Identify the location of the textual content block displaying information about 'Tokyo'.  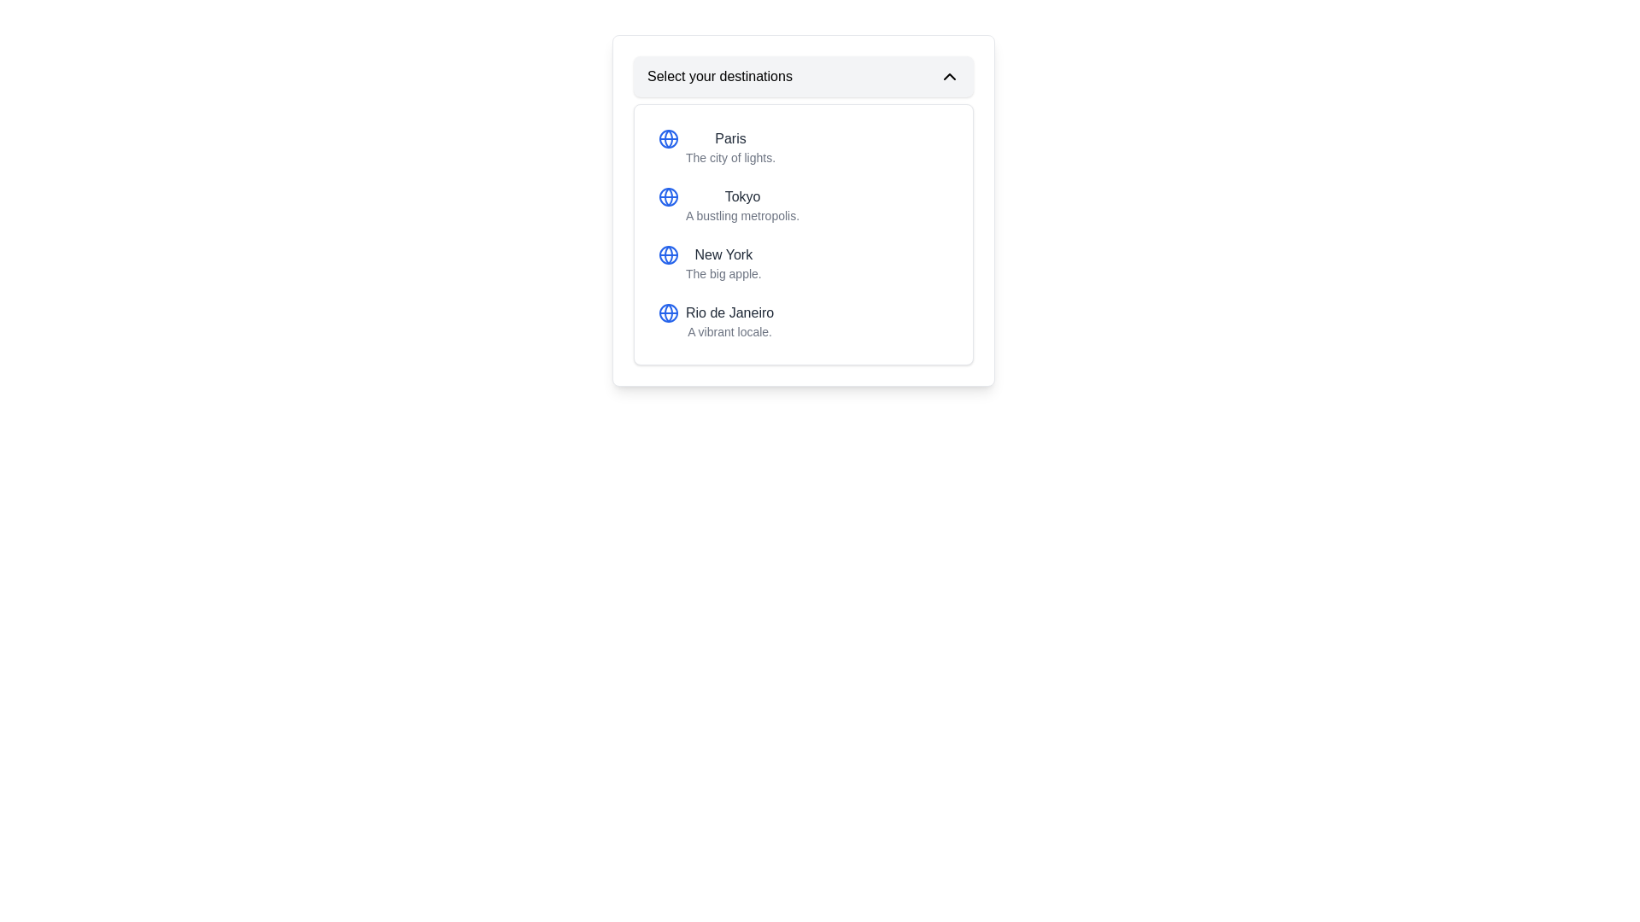
(742, 204).